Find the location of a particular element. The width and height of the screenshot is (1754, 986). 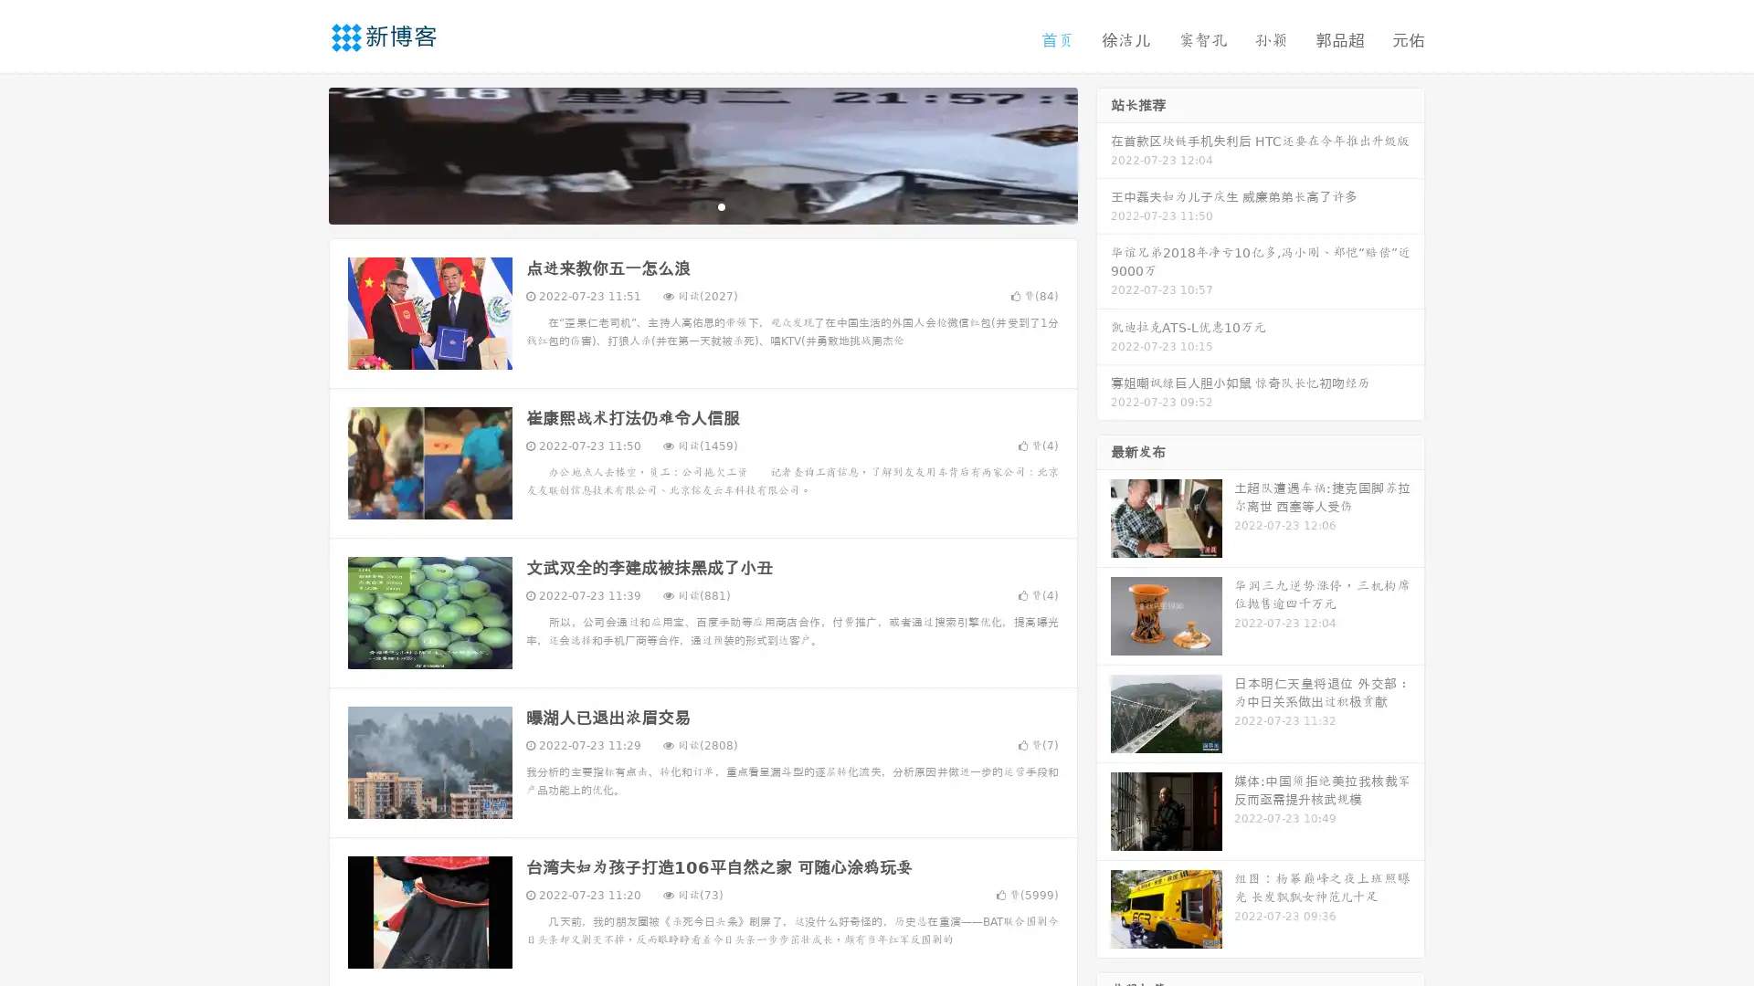

Go to slide 3 is located at coordinates (721, 205).